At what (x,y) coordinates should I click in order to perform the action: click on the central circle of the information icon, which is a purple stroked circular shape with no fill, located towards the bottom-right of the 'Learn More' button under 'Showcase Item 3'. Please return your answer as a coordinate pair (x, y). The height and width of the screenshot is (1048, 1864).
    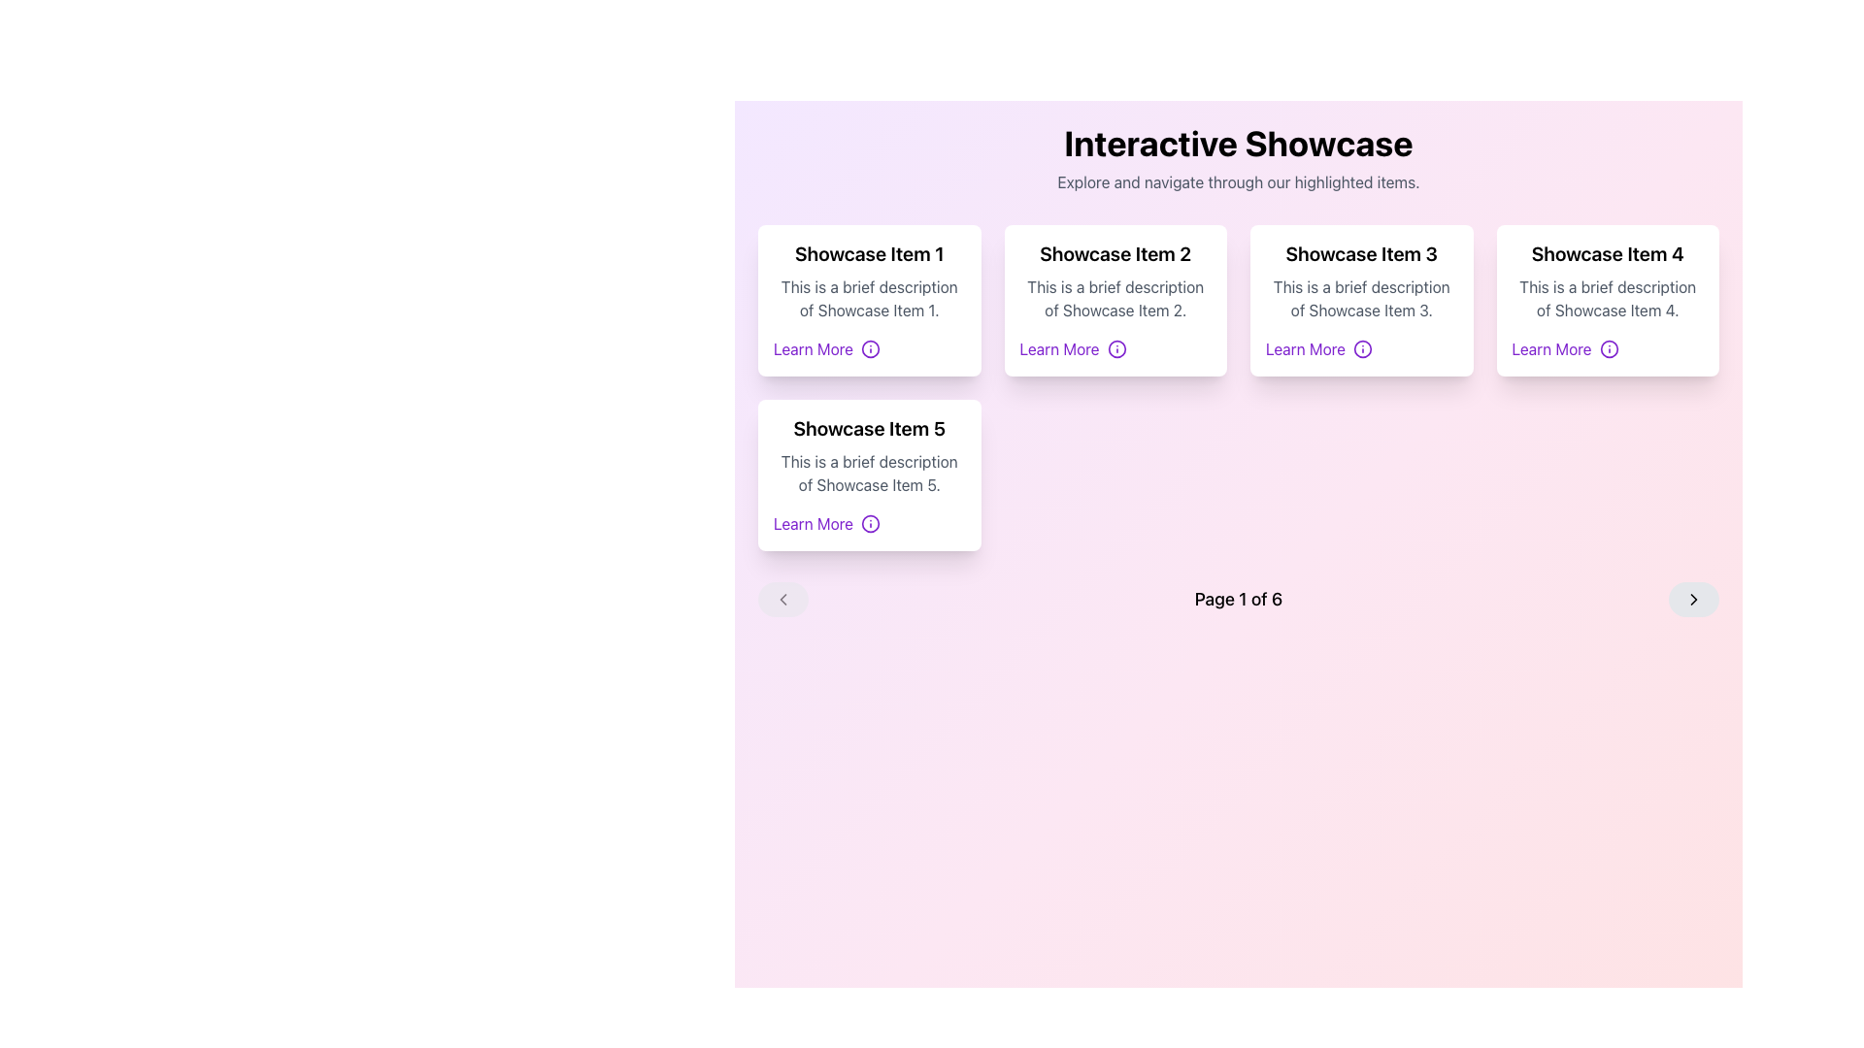
    Looking at the image, I should click on (1362, 347).